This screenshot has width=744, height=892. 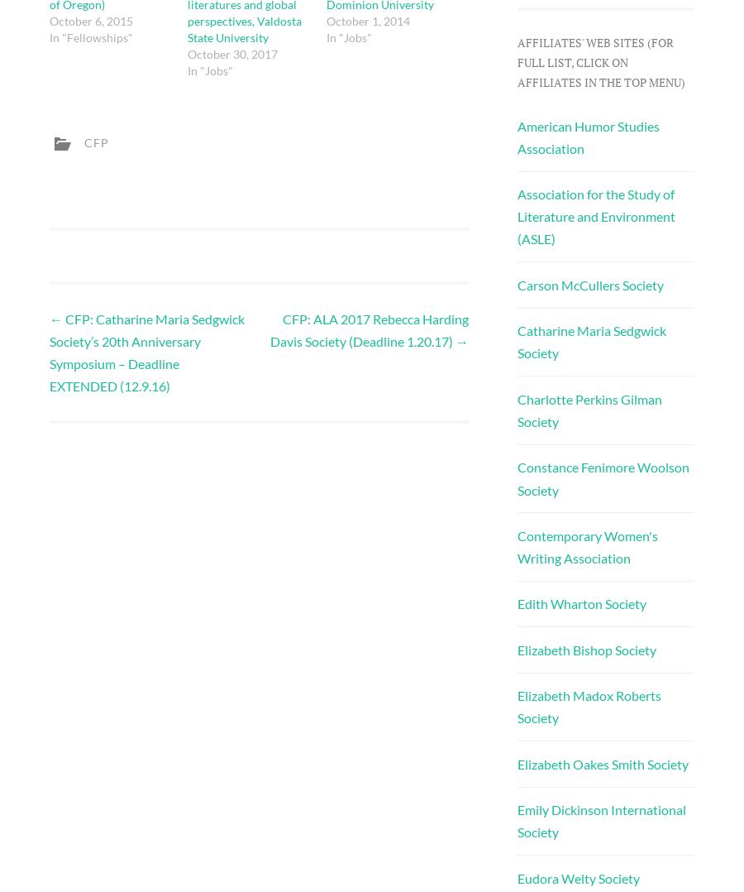 I want to click on 'Carson McCullers Society', so click(x=589, y=283).